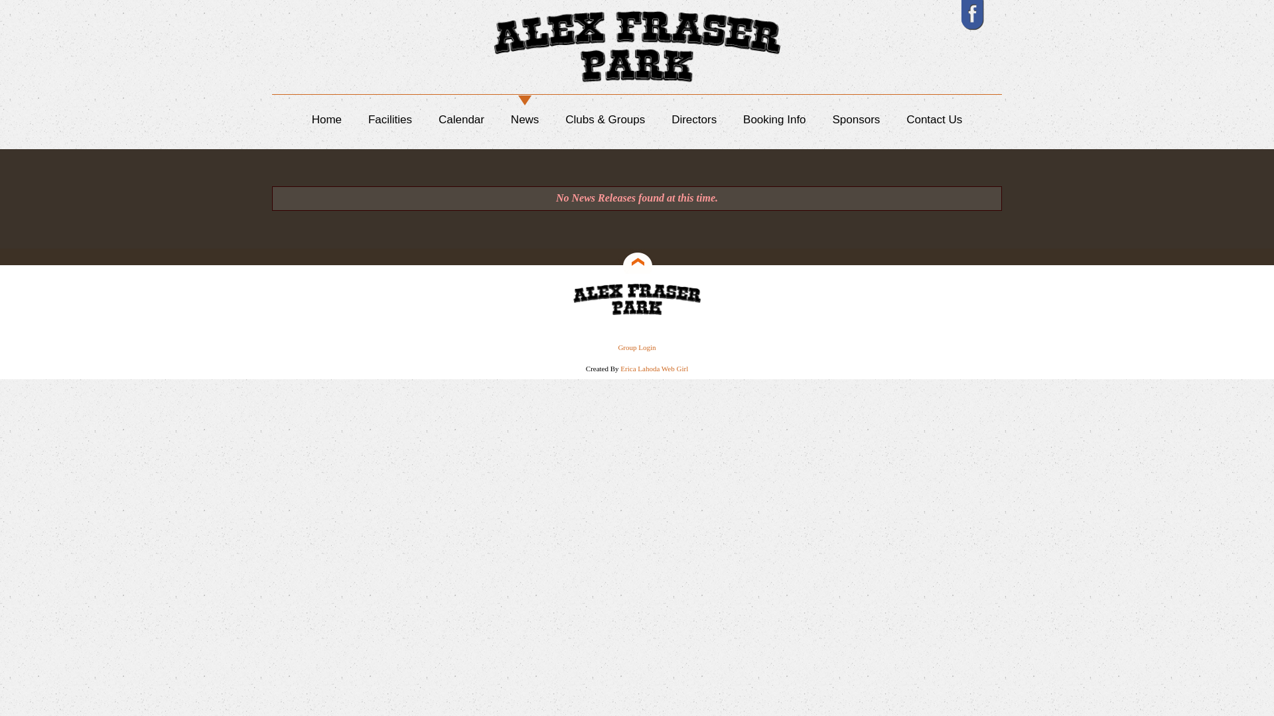  What do you see at coordinates (636, 347) in the screenshot?
I see `'Group Login'` at bounding box center [636, 347].